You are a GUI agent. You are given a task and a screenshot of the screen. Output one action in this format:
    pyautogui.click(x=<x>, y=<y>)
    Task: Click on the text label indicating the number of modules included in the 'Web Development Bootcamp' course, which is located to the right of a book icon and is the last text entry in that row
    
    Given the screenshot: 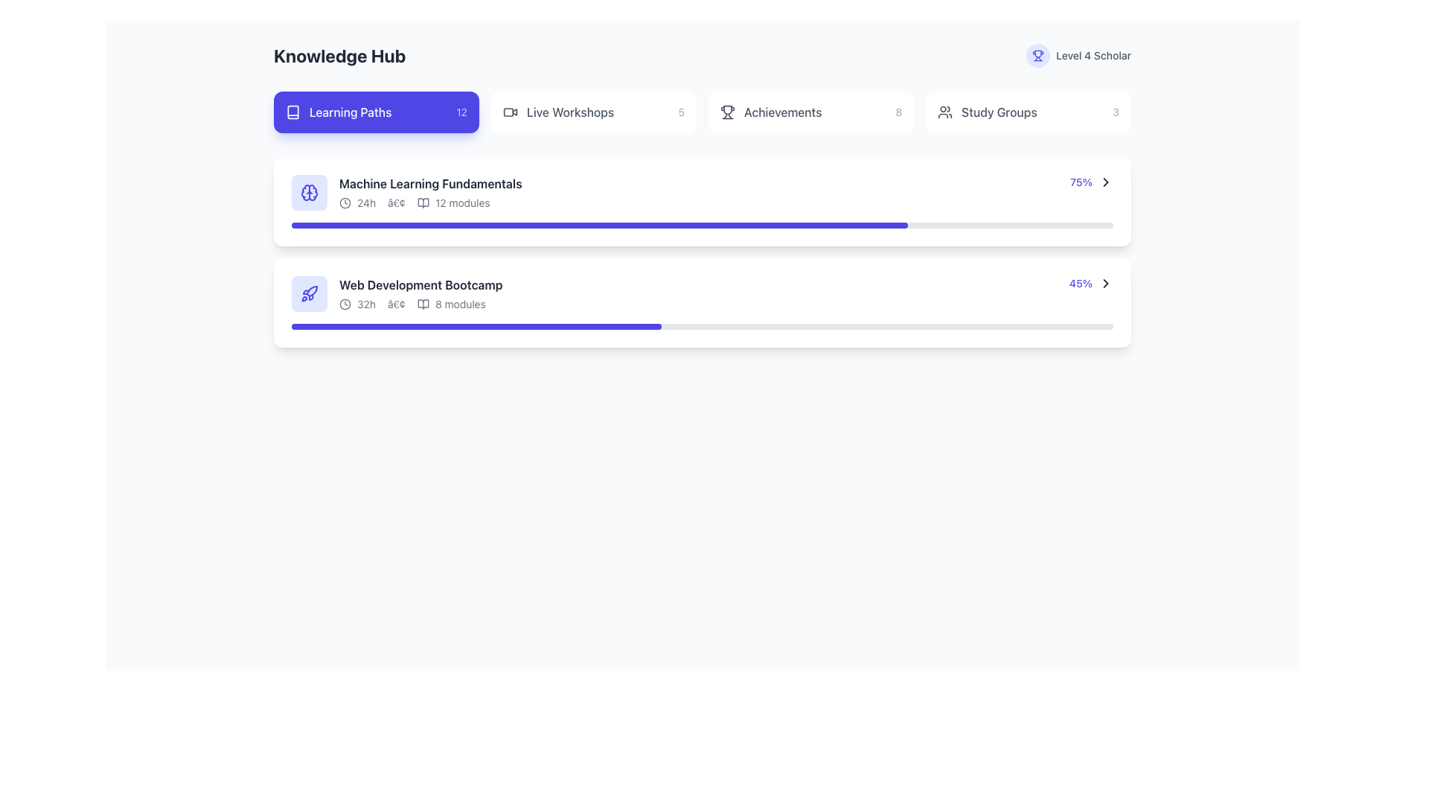 What is the action you would take?
    pyautogui.click(x=459, y=303)
    